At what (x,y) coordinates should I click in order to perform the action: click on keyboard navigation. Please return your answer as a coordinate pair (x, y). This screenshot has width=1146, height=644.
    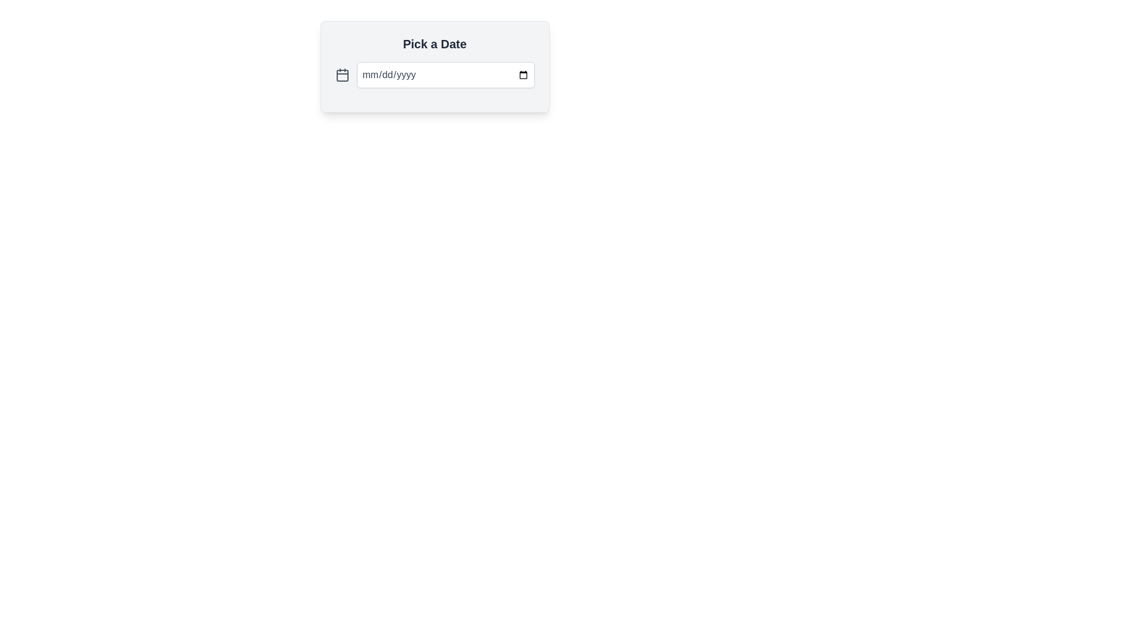
    Looking at the image, I should click on (434, 66).